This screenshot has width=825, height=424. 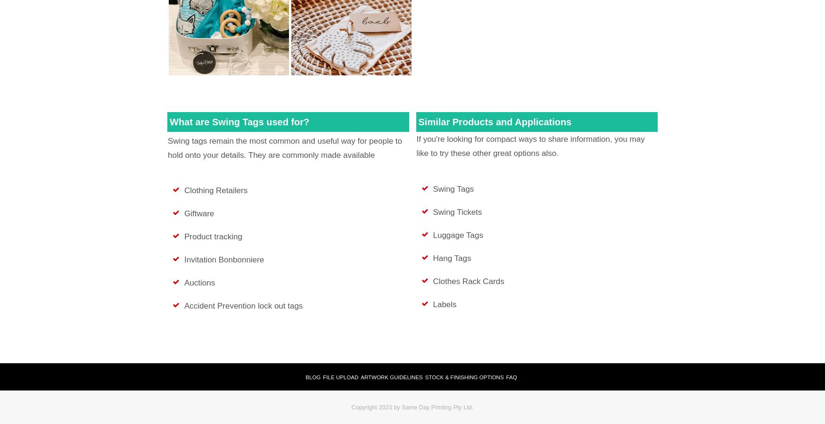 What do you see at coordinates (322, 377) in the screenshot?
I see `'File Upload'` at bounding box center [322, 377].